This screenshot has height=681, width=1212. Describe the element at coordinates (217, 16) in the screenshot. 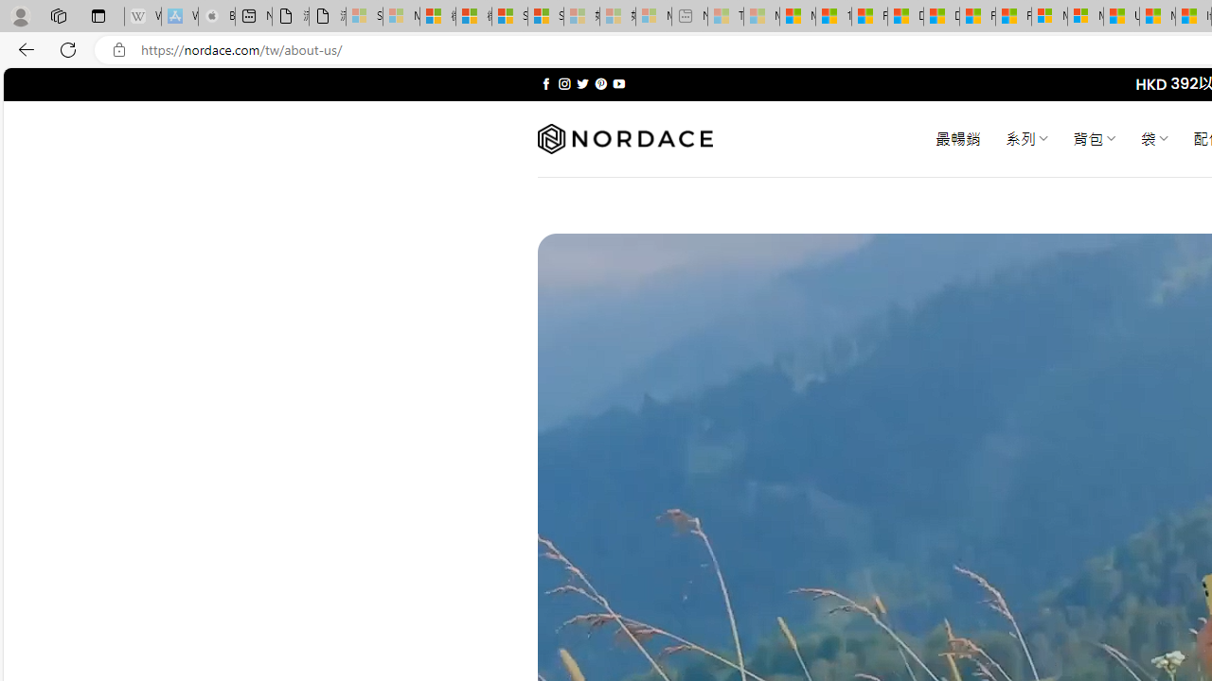

I see `'Buy iPad - Apple - Sleeping'` at that location.